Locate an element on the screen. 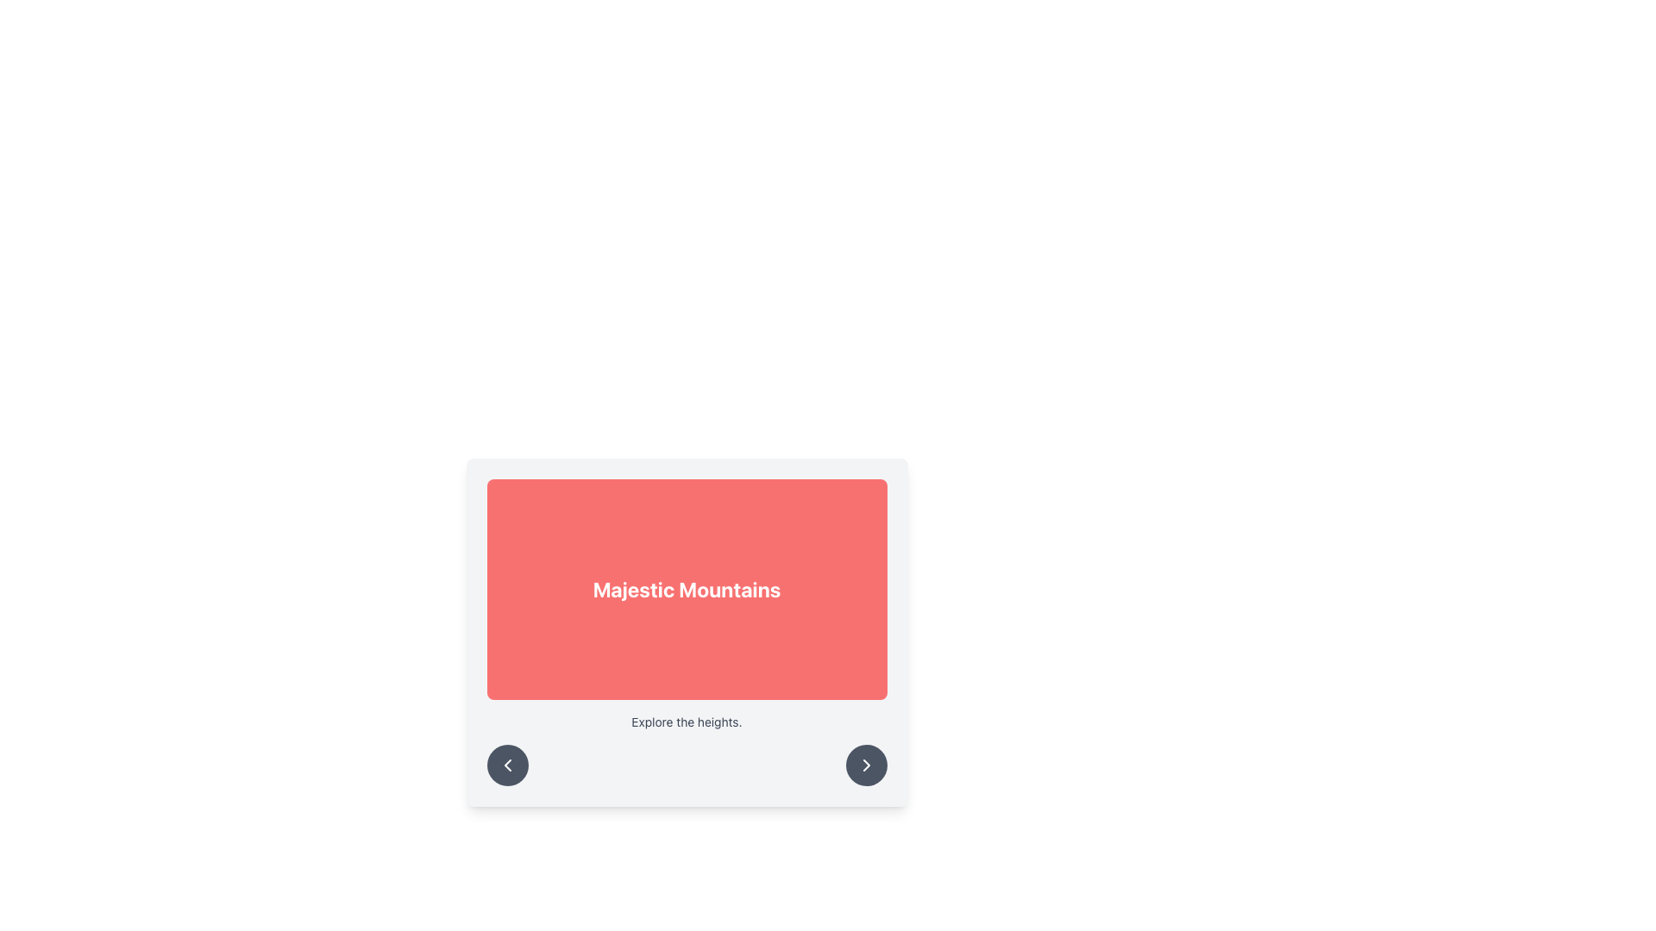  the right arrow icon embedded within the dark circular button located at the bottom-right corner of the interface is located at coordinates (866, 764).